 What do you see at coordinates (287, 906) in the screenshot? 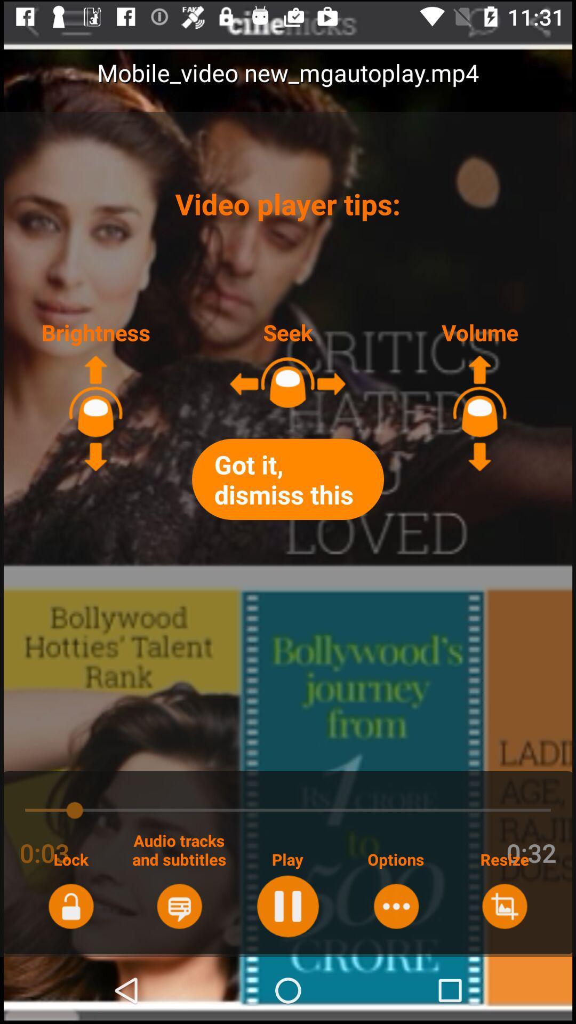
I see `and pause button` at bounding box center [287, 906].